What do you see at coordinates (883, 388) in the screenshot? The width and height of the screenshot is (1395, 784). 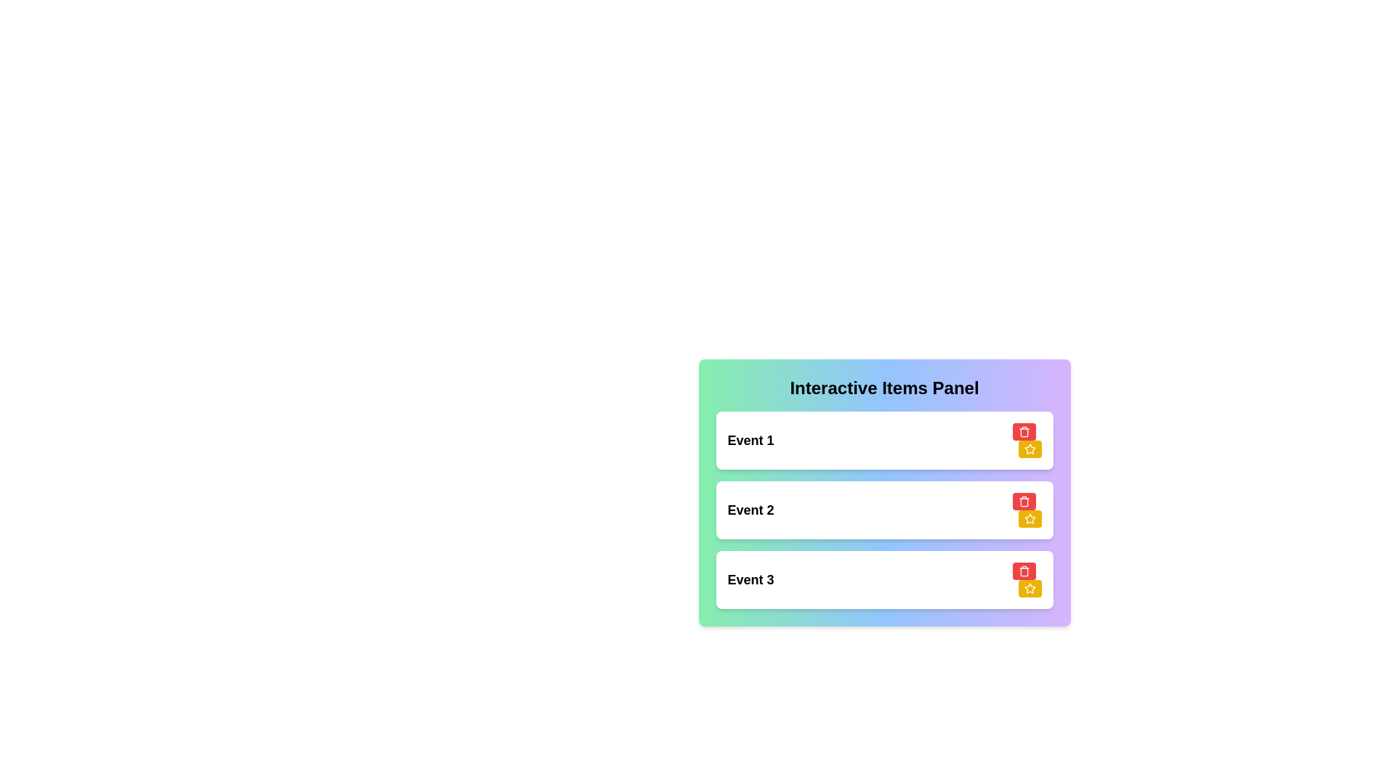 I see `the descriptive header text label located at the top of the panel with a gradient-colored background, which is centered above the event labels` at bounding box center [883, 388].